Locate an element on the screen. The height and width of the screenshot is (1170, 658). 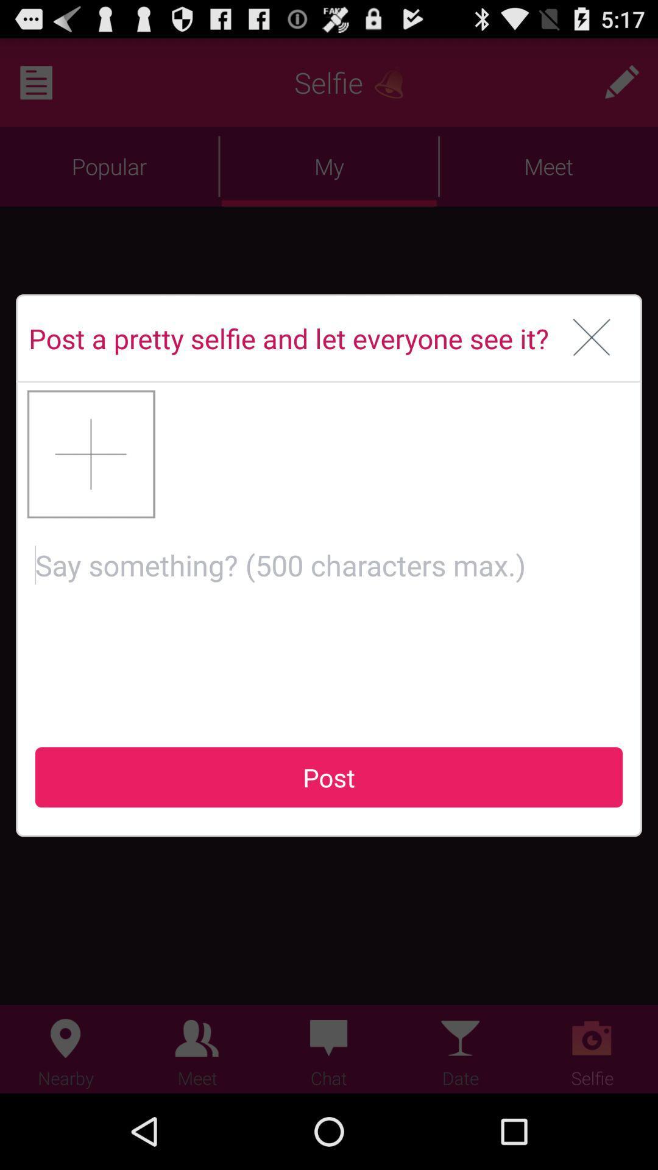
the icon on the left is located at coordinates (91, 453).